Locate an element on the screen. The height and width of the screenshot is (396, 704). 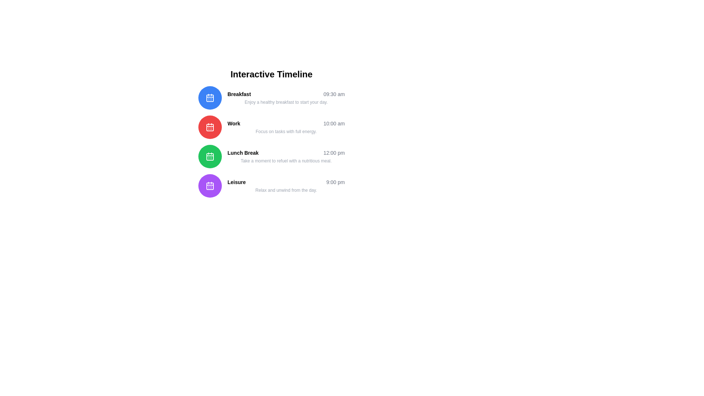
the second list item displaying event or task details, located below 'Breakfast' and above 'Lunch Break' is located at coordinates (286, 127).